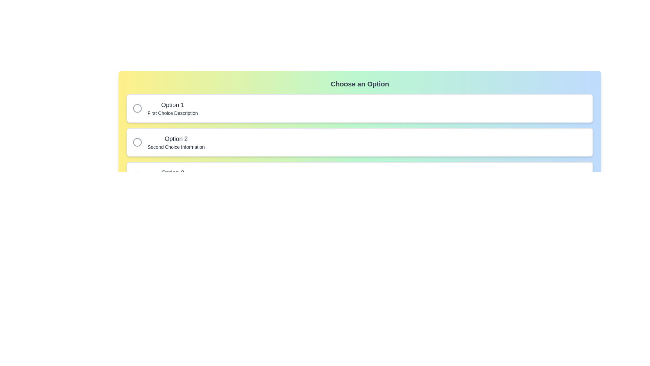 This screenshot has width=650, height=366. Describe the element at coordinates (176, 147) in the screenshot. I see `the descriptive Text label located below the 'Option 2' heading in the second option group` at that location.